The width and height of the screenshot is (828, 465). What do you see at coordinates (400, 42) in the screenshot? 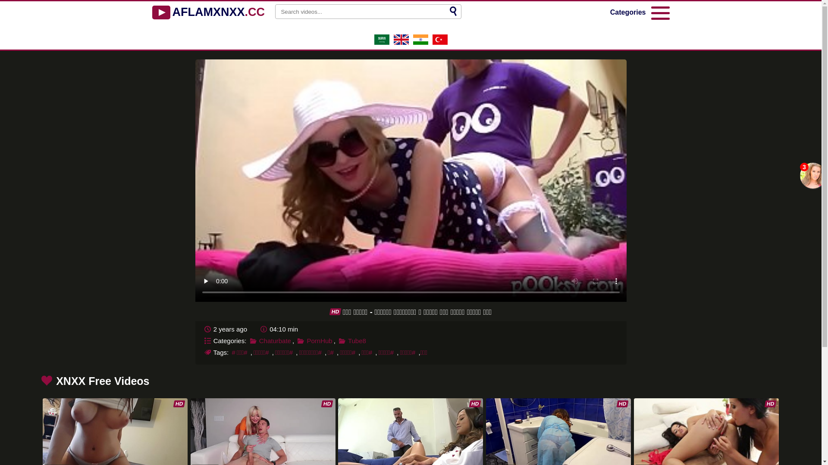
I see `'EN'` at bounding box center [400, 42].